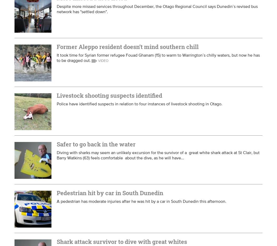 The height and width of the screenshot is (246, 277). What do you see at coordinates (109, 193) in the screenshot?
I see `'Pedestrian hit by car in South Dunedin'` at bounding box center [109, 193].